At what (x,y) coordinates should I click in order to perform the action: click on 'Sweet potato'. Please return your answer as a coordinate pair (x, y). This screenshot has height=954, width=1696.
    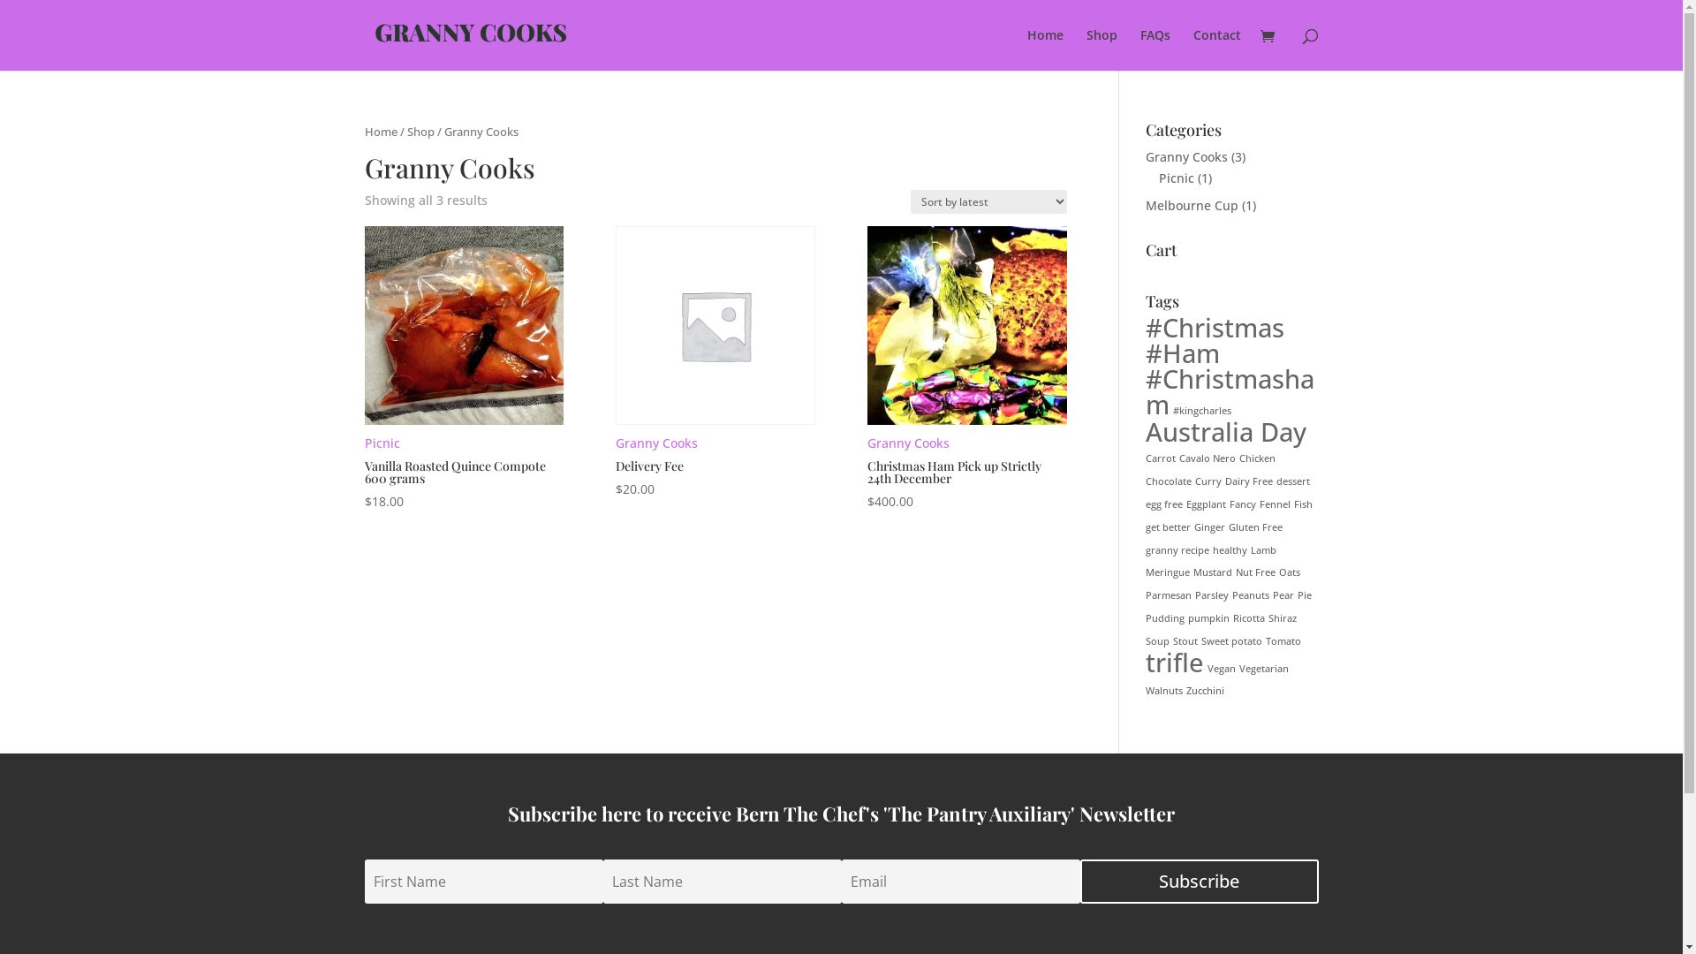
    Looking at the image, I should click on (1230, 640).